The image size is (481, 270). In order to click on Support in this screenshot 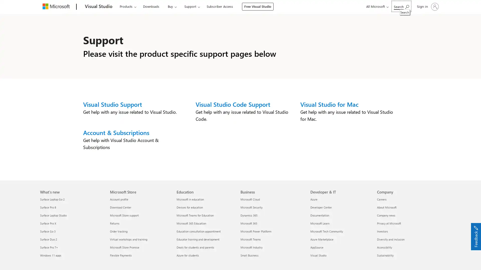, I will do `click(189, 6)`.